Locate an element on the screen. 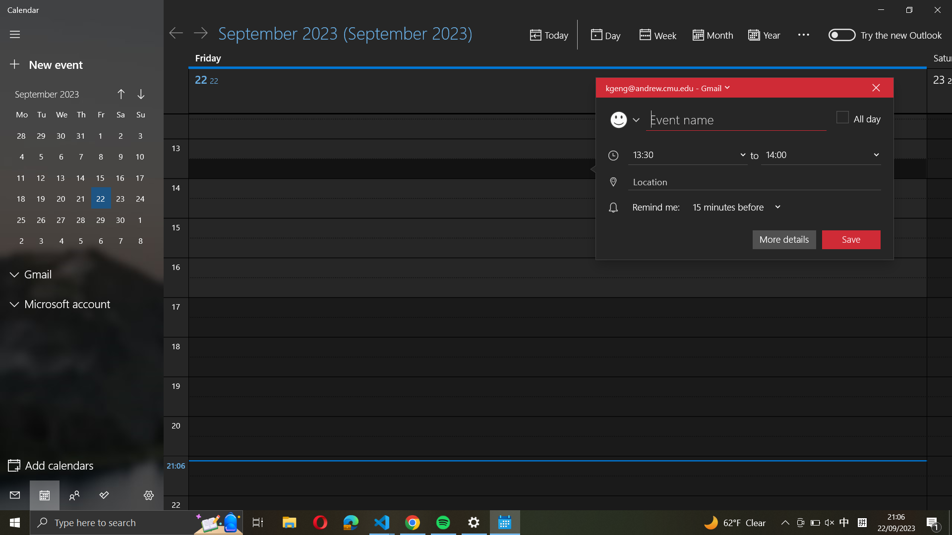  Switch mode to "monthly" calendar is located at coordinates (711, 35).